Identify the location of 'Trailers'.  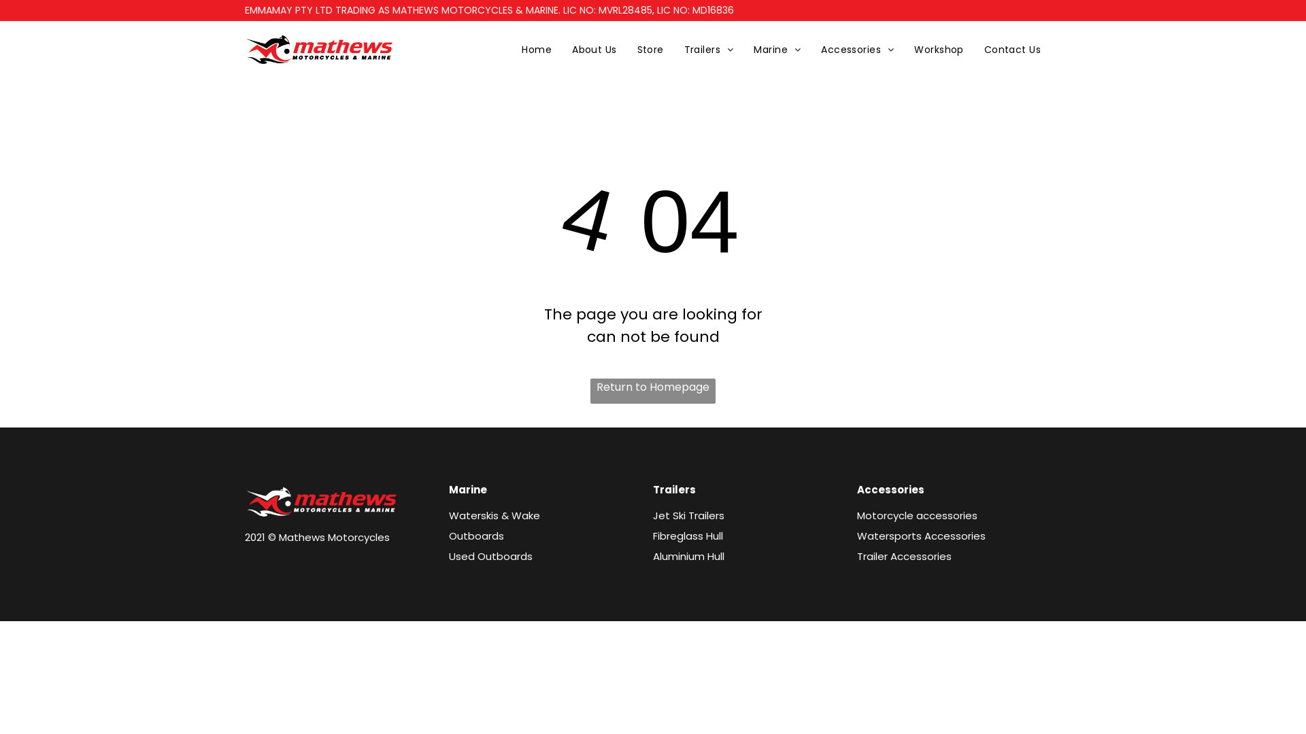
(708, 49).